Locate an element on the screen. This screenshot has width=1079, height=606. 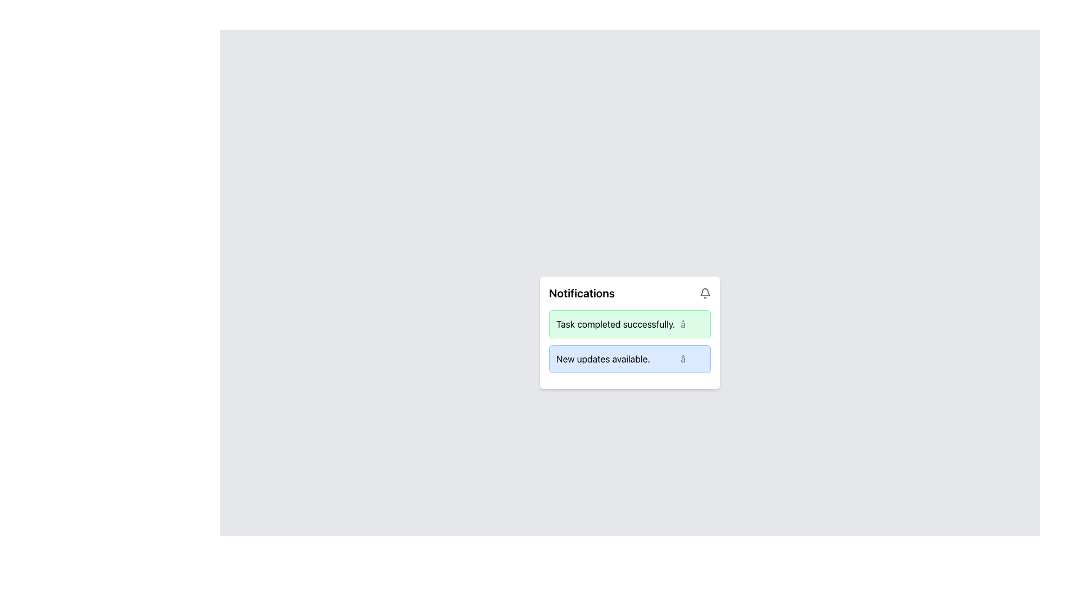
notification text displayed in the Notification box, which is located beneath the 'Notifications' header inside a white rounded rectangle card is located at coordinates (630, 341).